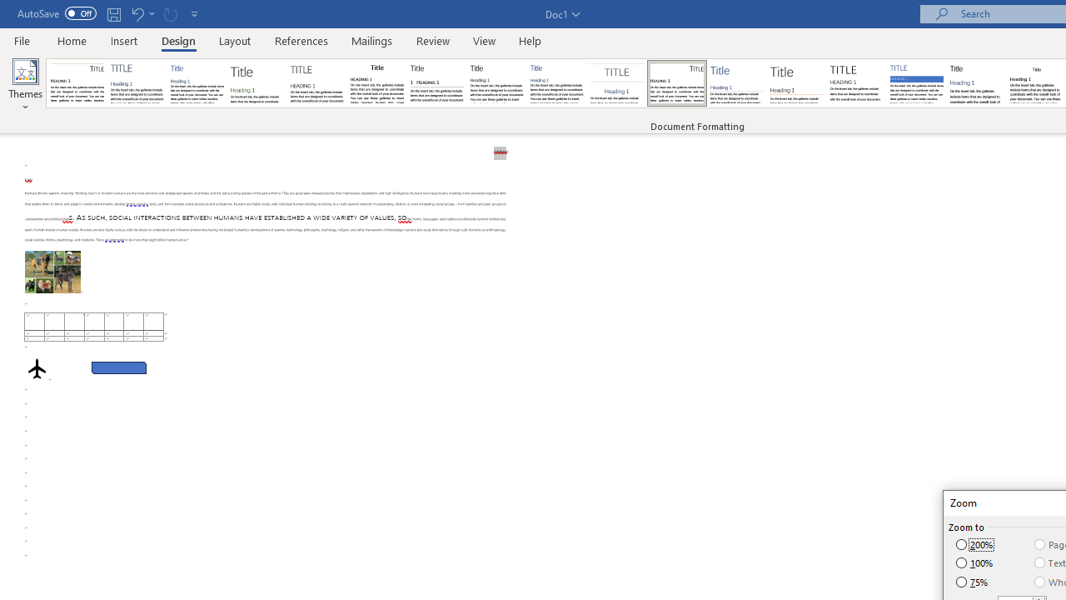 The image size is (1066, 600). I want to click on 'Shaded', so click(915, 83).